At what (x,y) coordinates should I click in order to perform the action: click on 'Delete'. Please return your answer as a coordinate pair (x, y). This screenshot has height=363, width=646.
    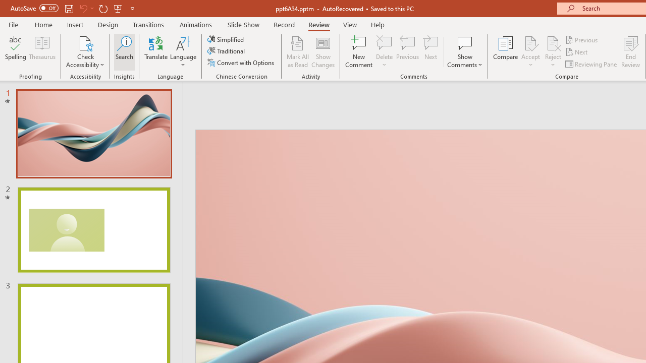
    Looking at the image, I should click on (384, 52).